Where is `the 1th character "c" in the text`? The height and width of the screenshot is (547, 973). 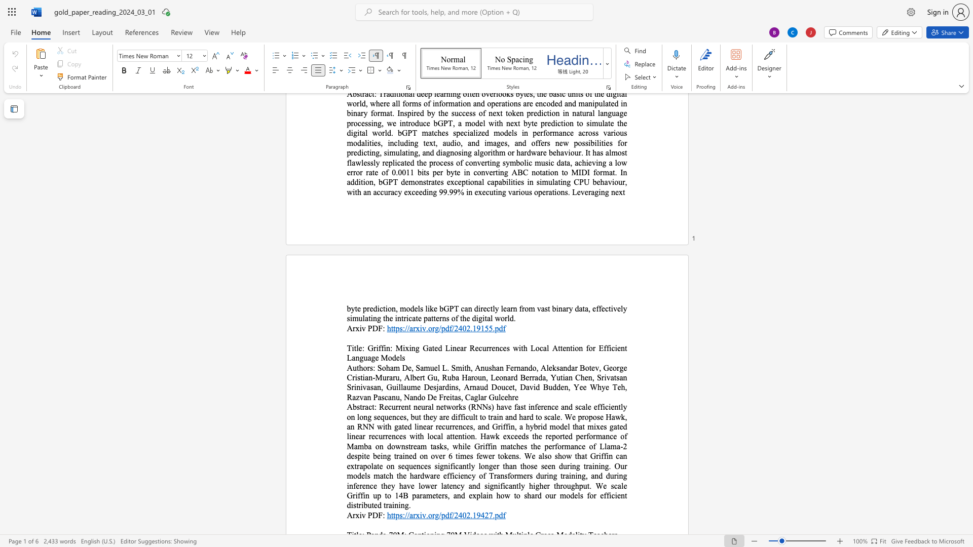 the 1th character "c" in the text is located at coordinates (369, 406).